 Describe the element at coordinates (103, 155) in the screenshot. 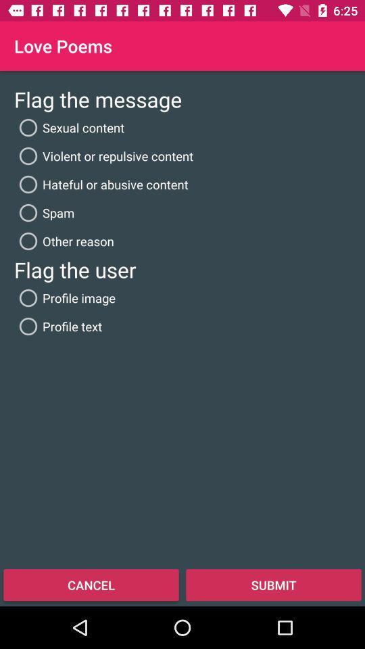

I see `violent or repulsive radio button` at that location.